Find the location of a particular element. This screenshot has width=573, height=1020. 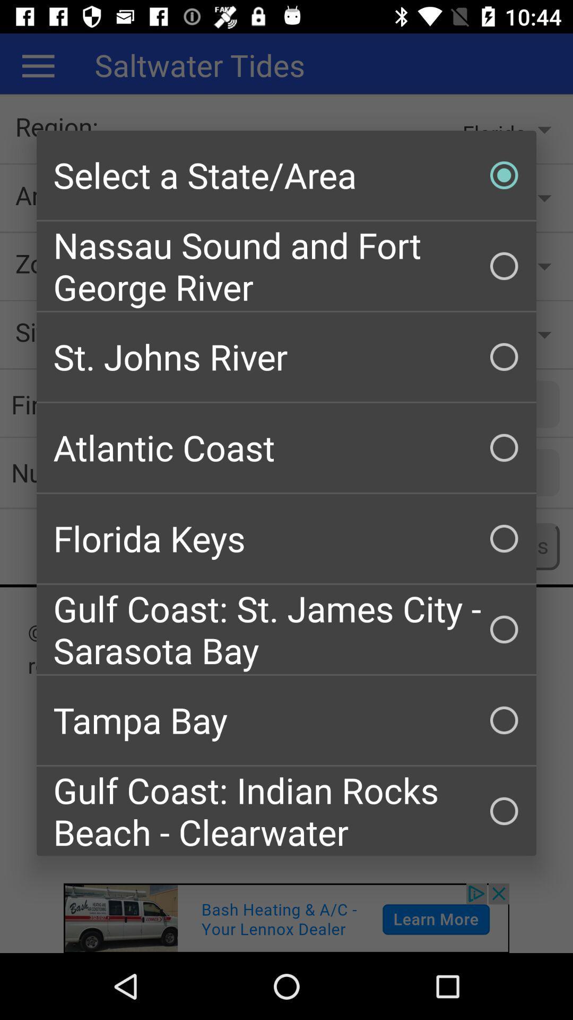

nassau sound and item is located at coordinates (286, 266).